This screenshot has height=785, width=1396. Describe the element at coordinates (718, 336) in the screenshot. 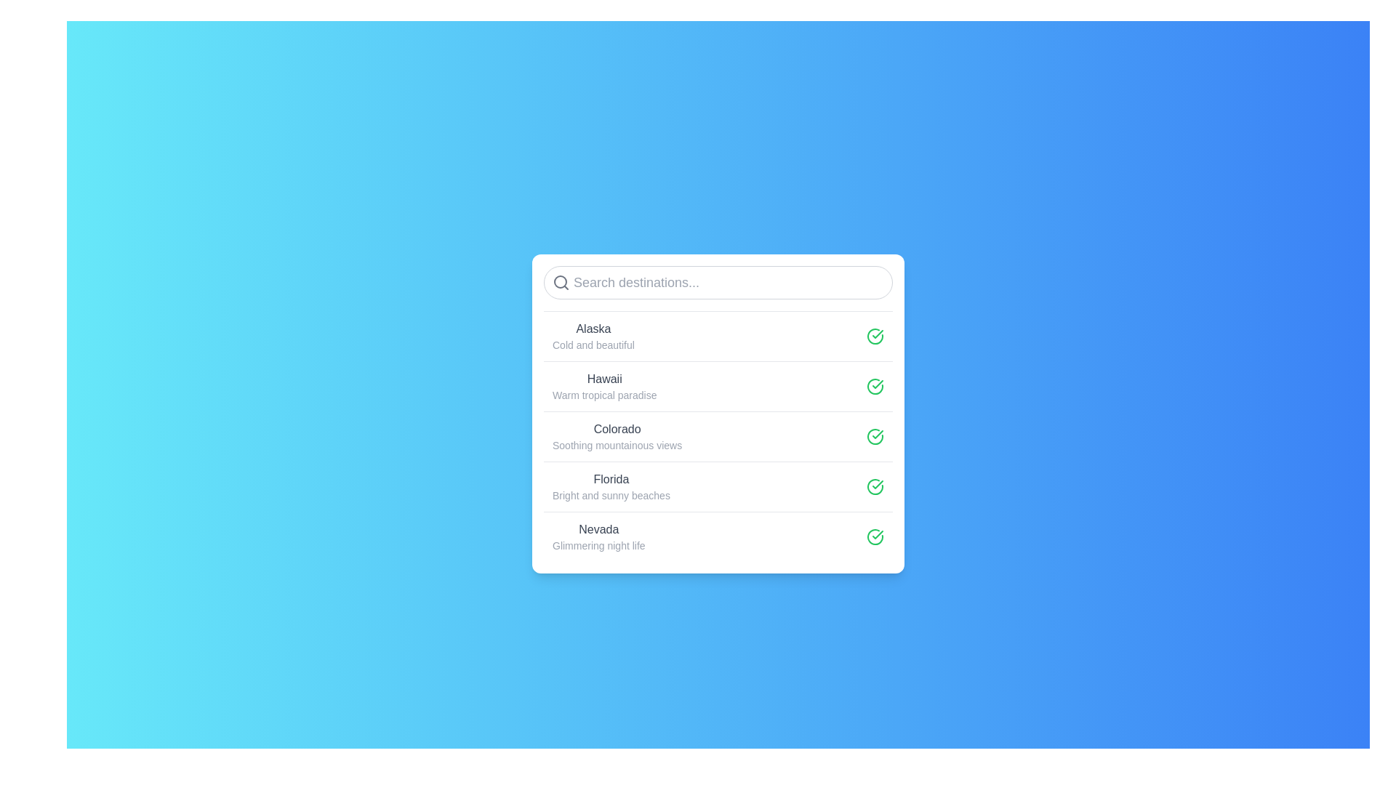

I see `the first list item in the menu titled 'Alaska' with the subtitle 'Cold and beautiful'` at that location.